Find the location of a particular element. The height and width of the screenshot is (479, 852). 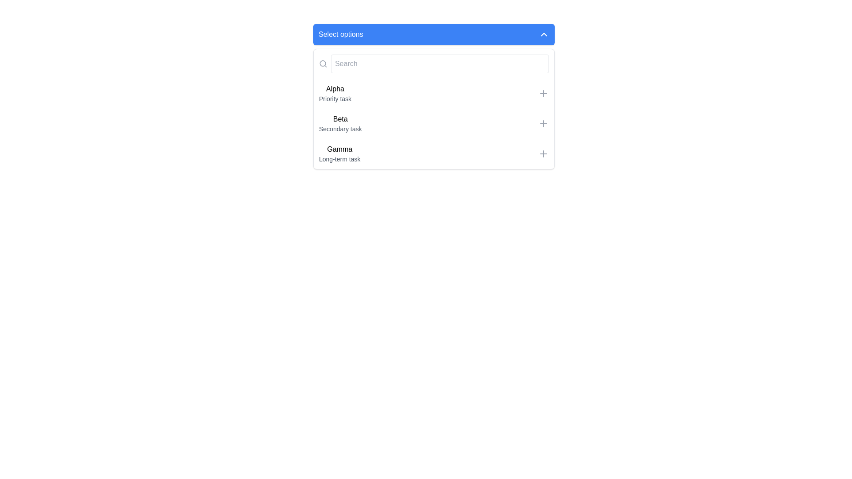

the 'Gamma' entry in the dropdown list is located at coordinates (434, 153).